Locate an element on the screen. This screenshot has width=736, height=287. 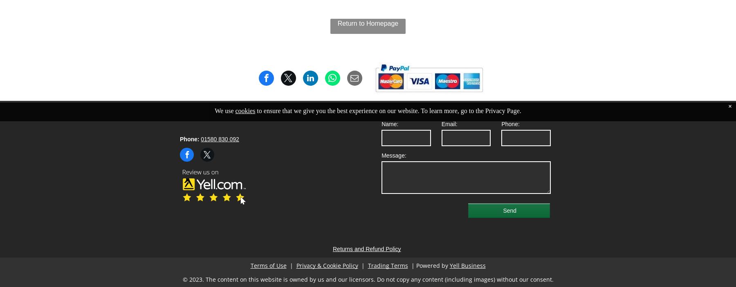
'Earthborn Paints' is located at coordinates (312, 33).